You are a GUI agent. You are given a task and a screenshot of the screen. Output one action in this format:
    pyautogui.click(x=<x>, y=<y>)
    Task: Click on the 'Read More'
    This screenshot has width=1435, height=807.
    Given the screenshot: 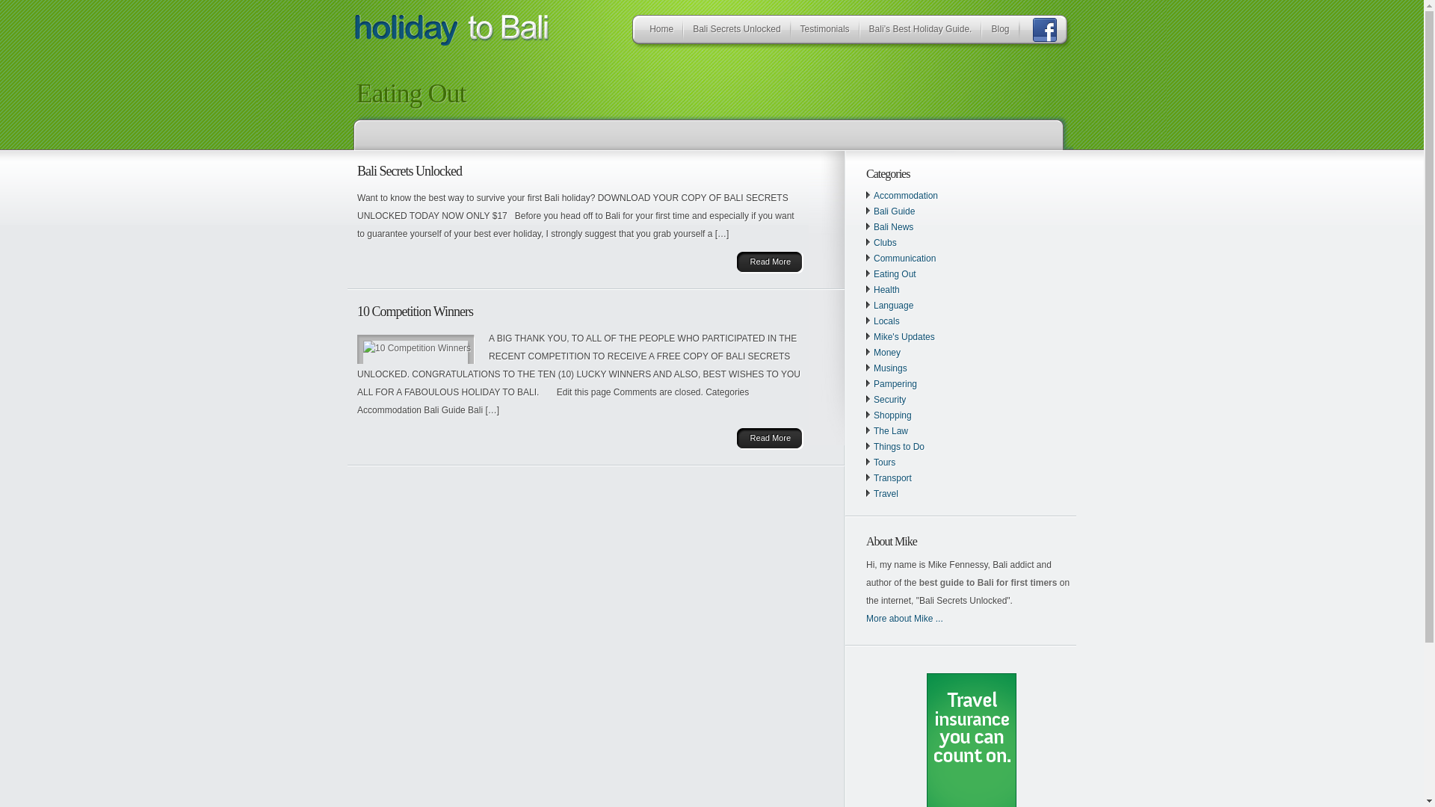 What is the action you would take?
    pyautogui.click(x=770, y=437)
    